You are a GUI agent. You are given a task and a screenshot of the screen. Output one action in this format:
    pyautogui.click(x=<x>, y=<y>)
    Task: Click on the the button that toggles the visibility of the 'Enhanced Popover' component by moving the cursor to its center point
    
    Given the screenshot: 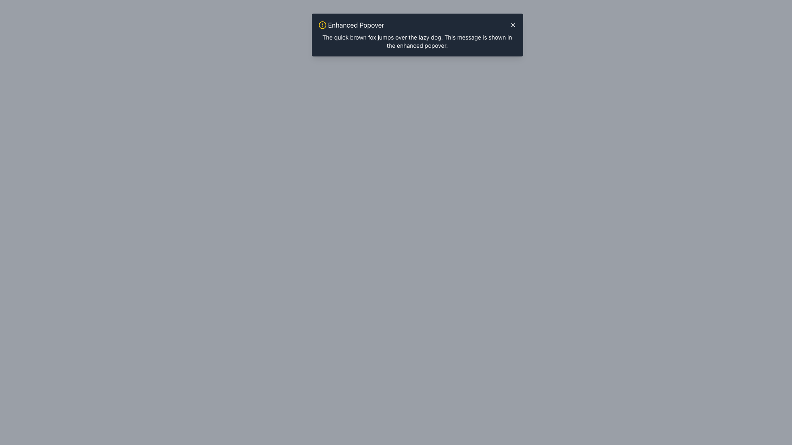 What is the action you would take?
    pyautogui.click(x=417, y=21)
    